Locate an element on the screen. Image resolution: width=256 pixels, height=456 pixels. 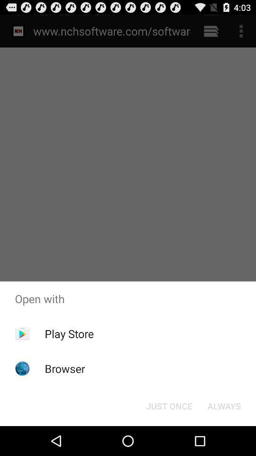
the icon below open with app is located at coordinates (69, 333).